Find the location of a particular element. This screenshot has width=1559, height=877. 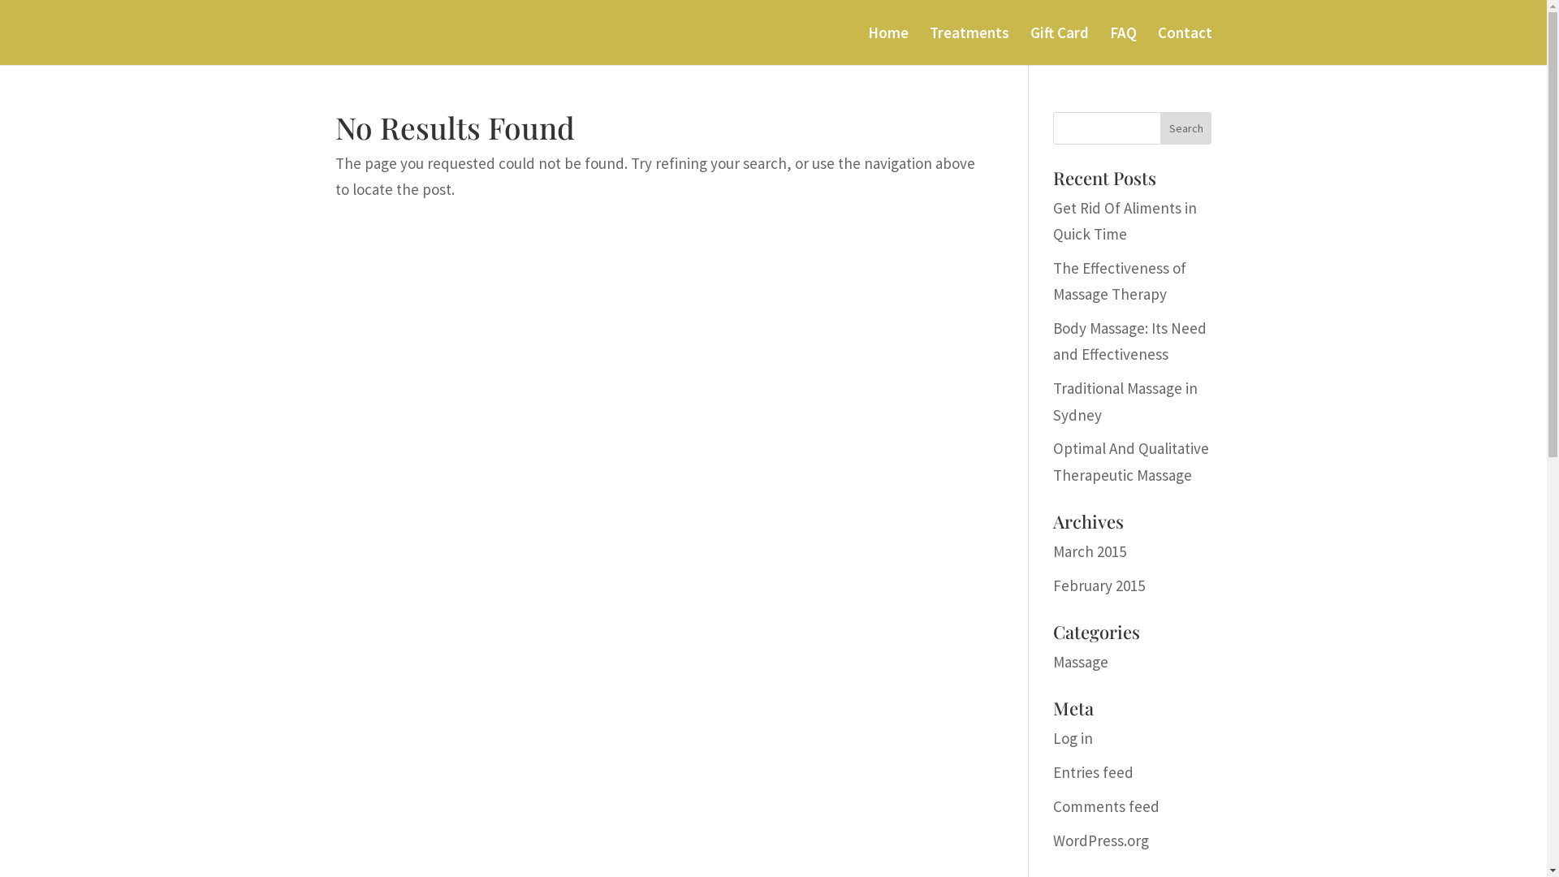

'Home' is located at coordinates (866, 45).